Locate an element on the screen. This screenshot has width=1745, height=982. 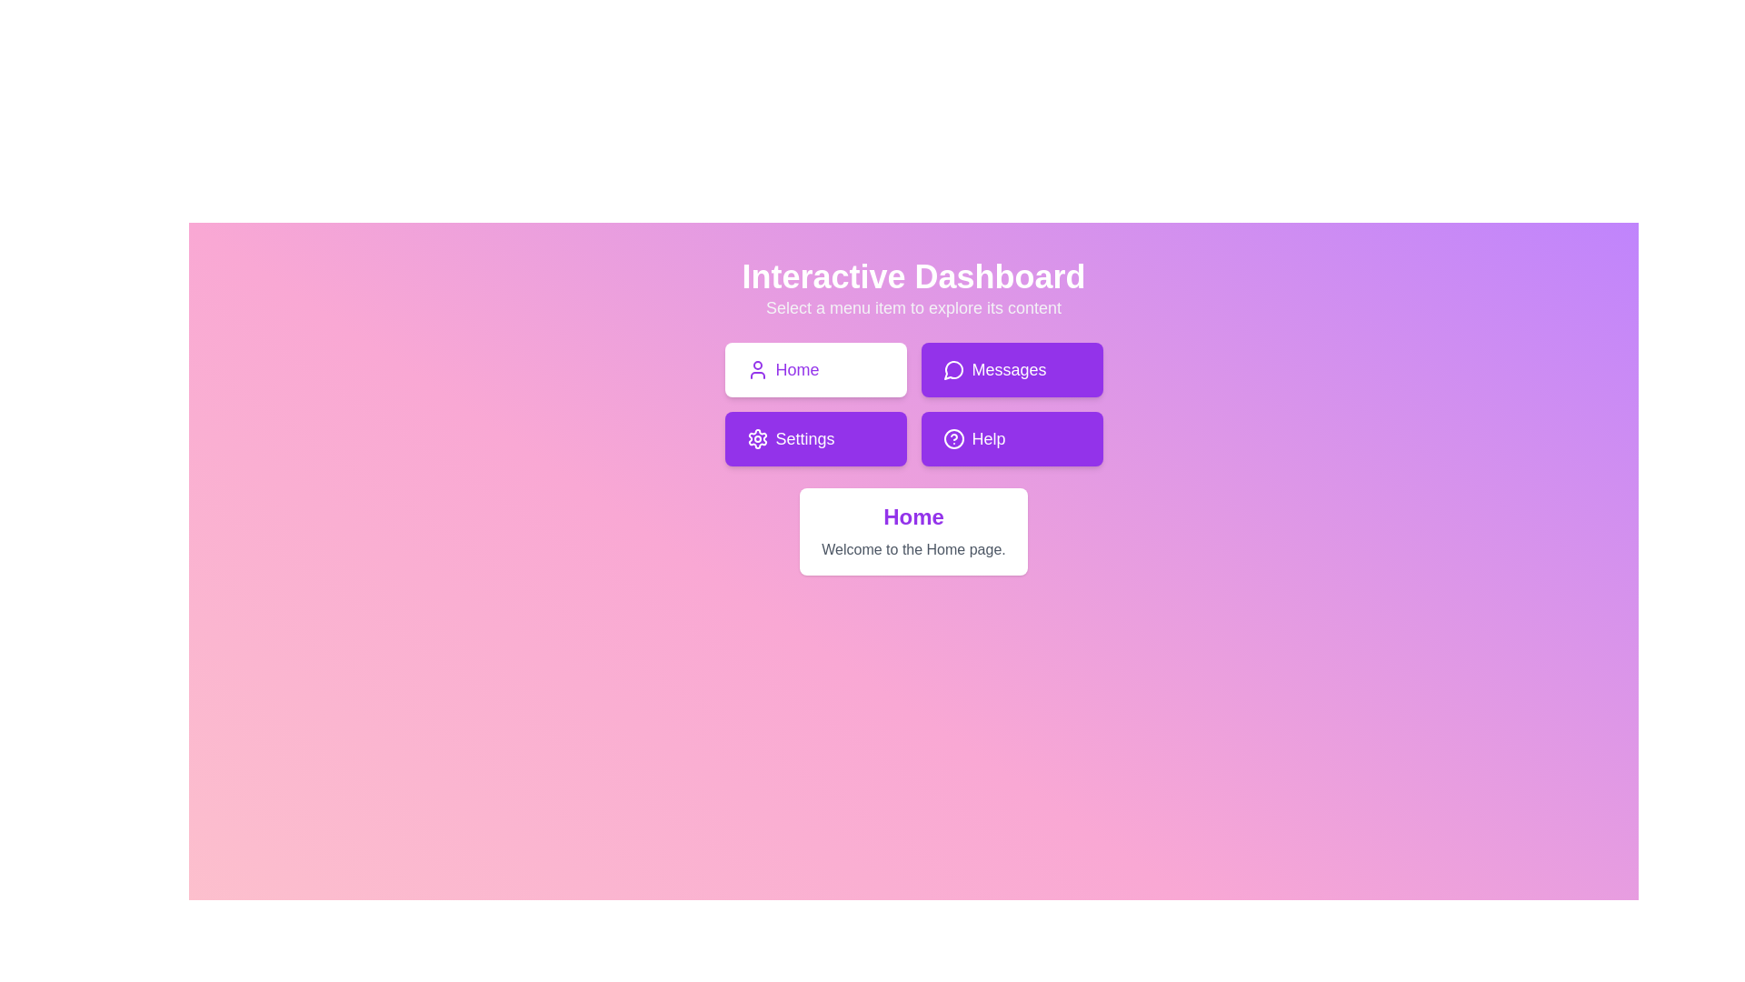
the menu item Settings by clicking on its corresponding button is located at coordinates (814, 438).